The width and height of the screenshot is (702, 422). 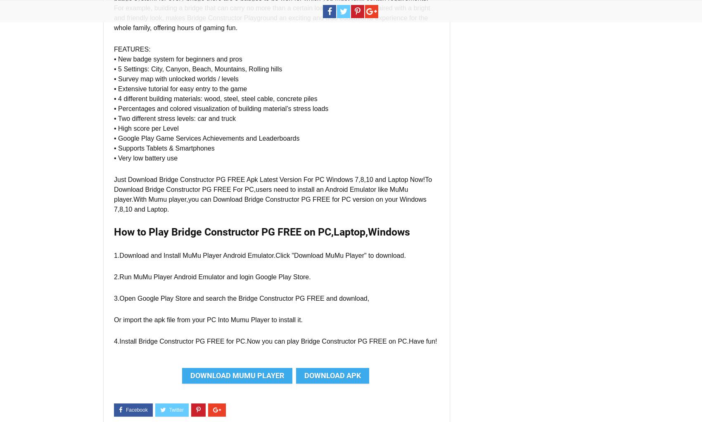 What do you see at coordinates (259, 255) in the screenshot?
I see `'1.Download and Install MuMu Player Android Emulator.Click "Download MuMu Player" to download.'` at bounding box center [259, 255].